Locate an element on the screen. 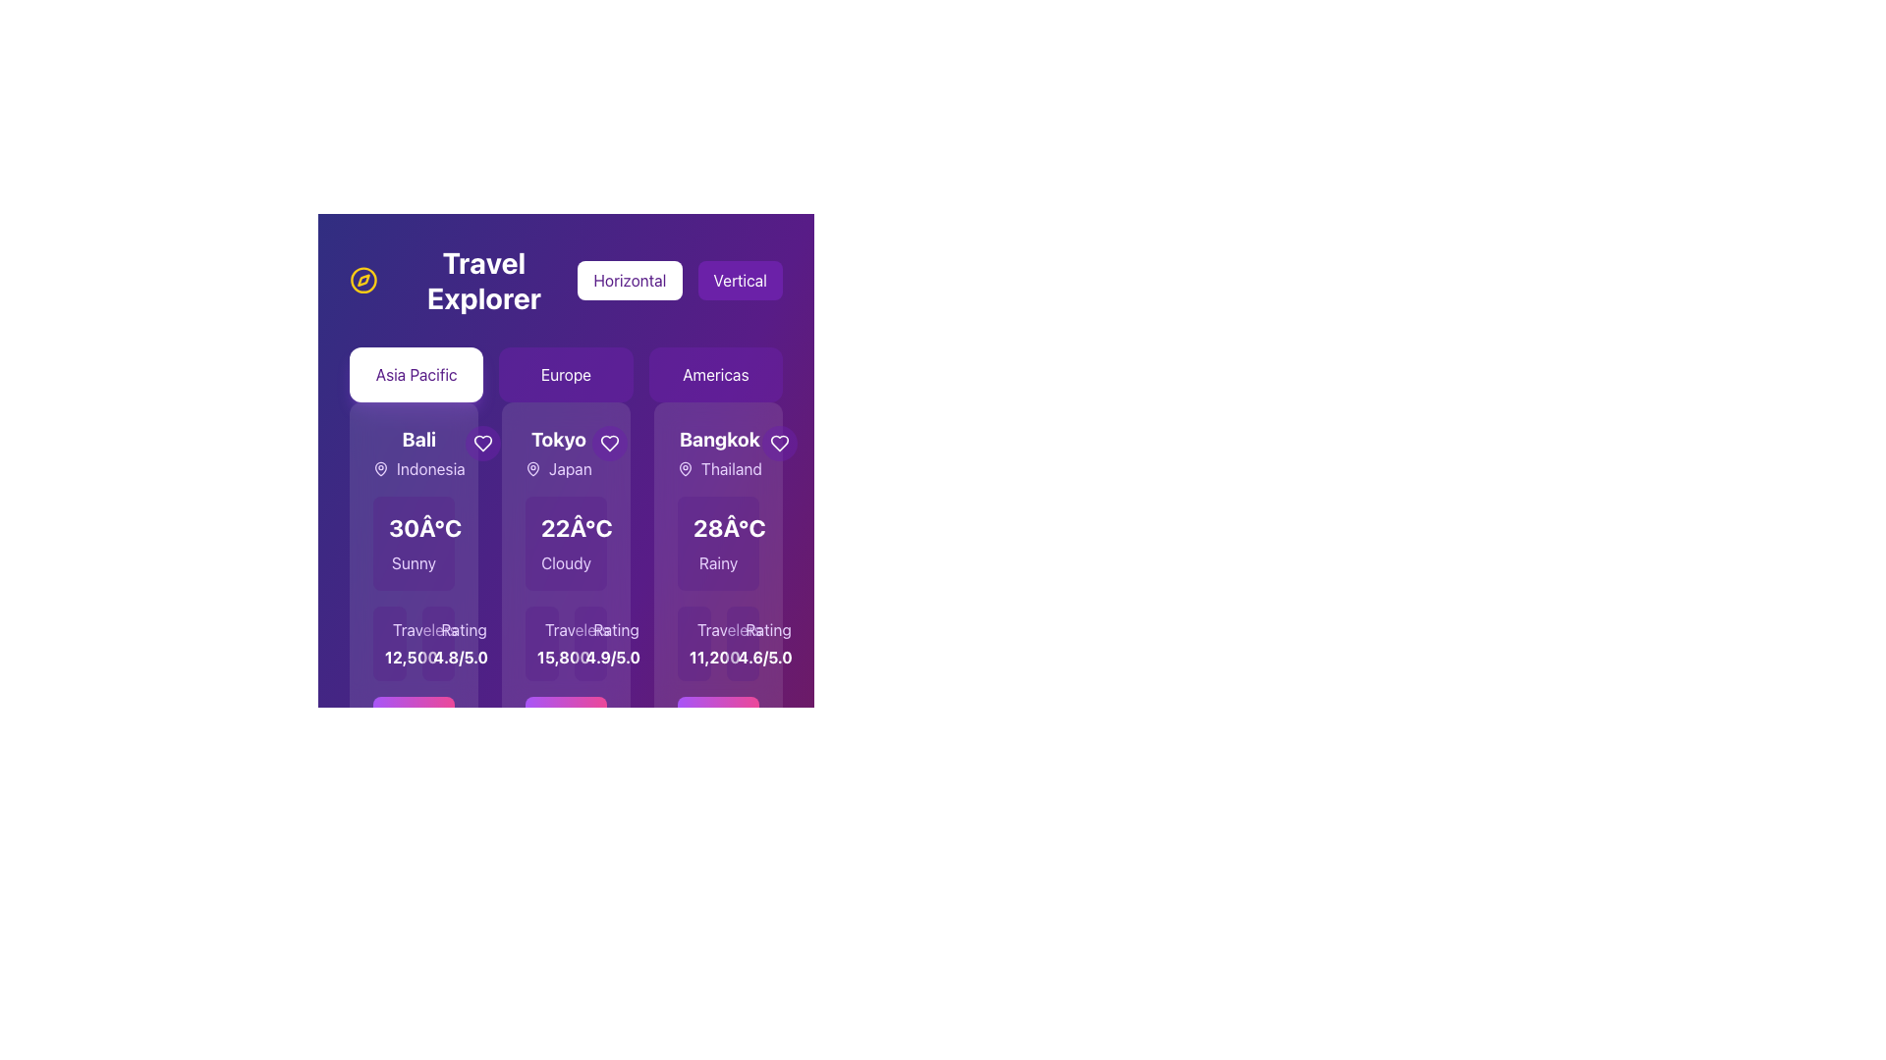 The image size is (1886, 1060). text displayed in the purple font label that says 'Thailand', which is located in the rightmost column below 'Bangkok' is located at coordinates (718, 469).